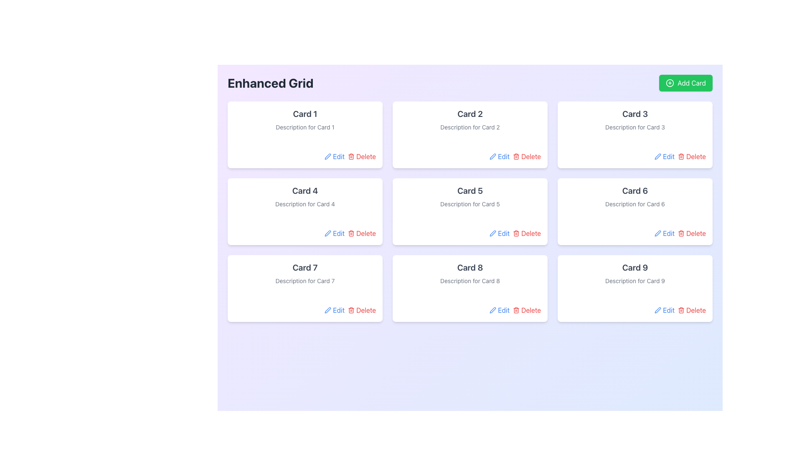  I want to click on reading tools, so click(470, 267).